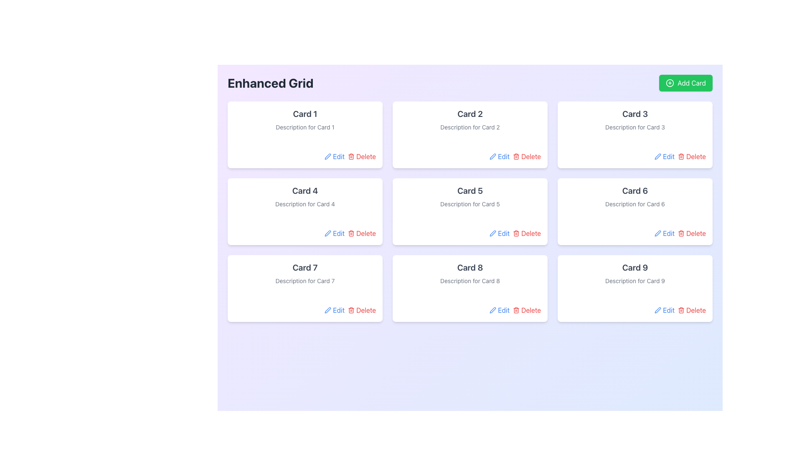  I want to click on reading tools, so click(470, 267).